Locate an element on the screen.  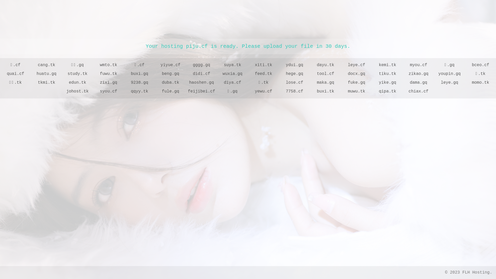
'9238.gq' is located at coordinates (139, 82).